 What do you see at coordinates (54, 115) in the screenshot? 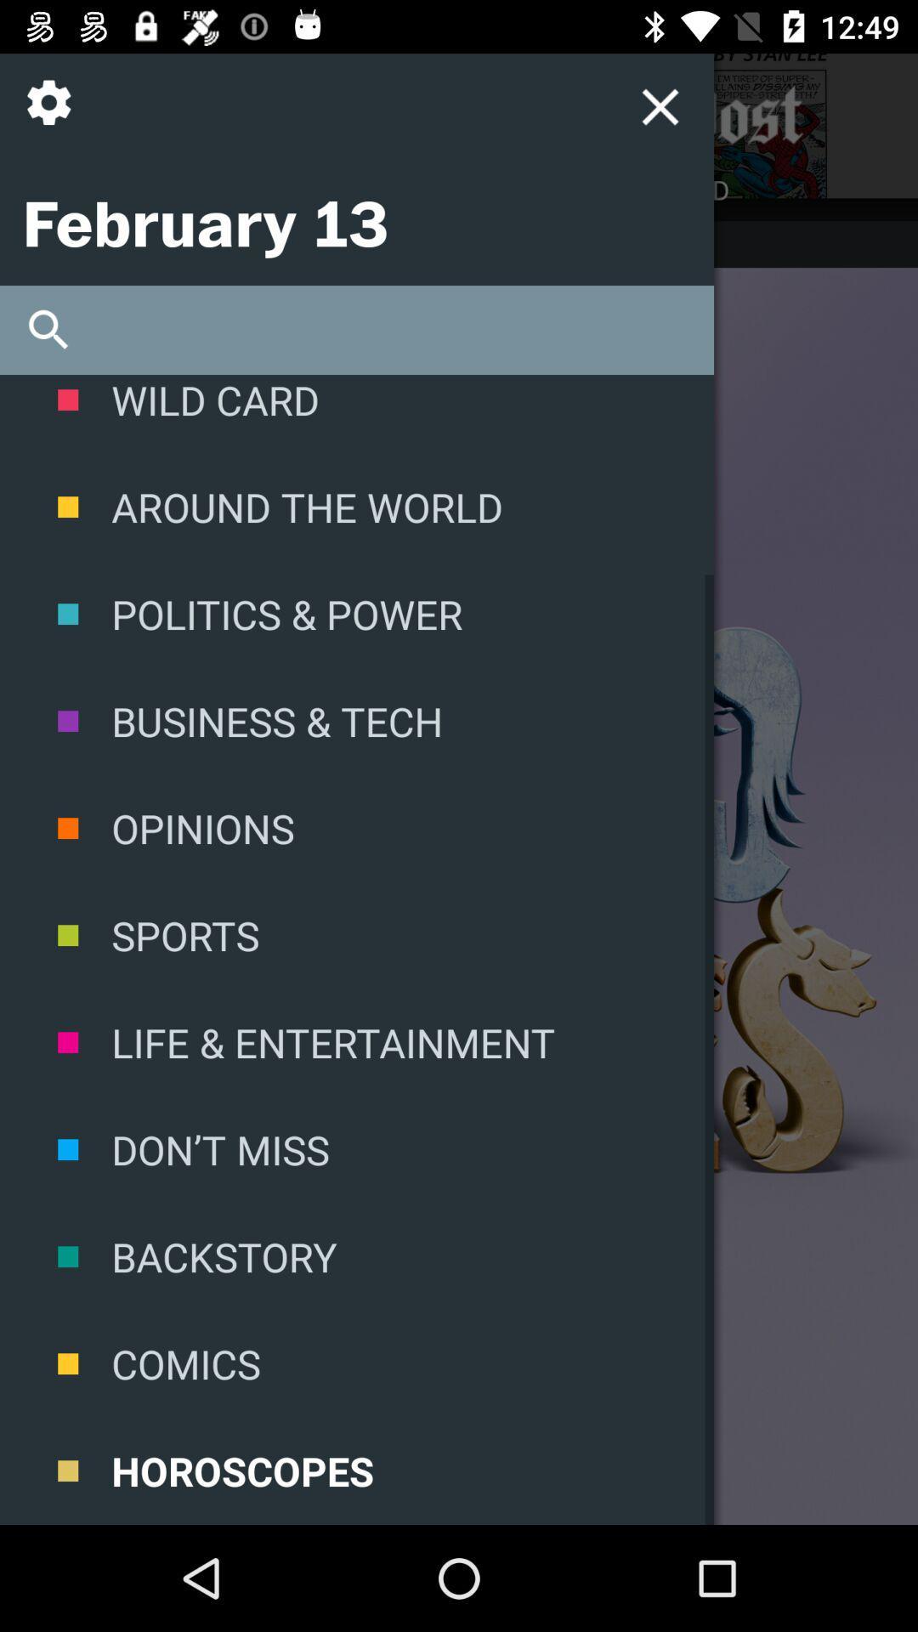
I see `settings` at bounding box center [54, 115].